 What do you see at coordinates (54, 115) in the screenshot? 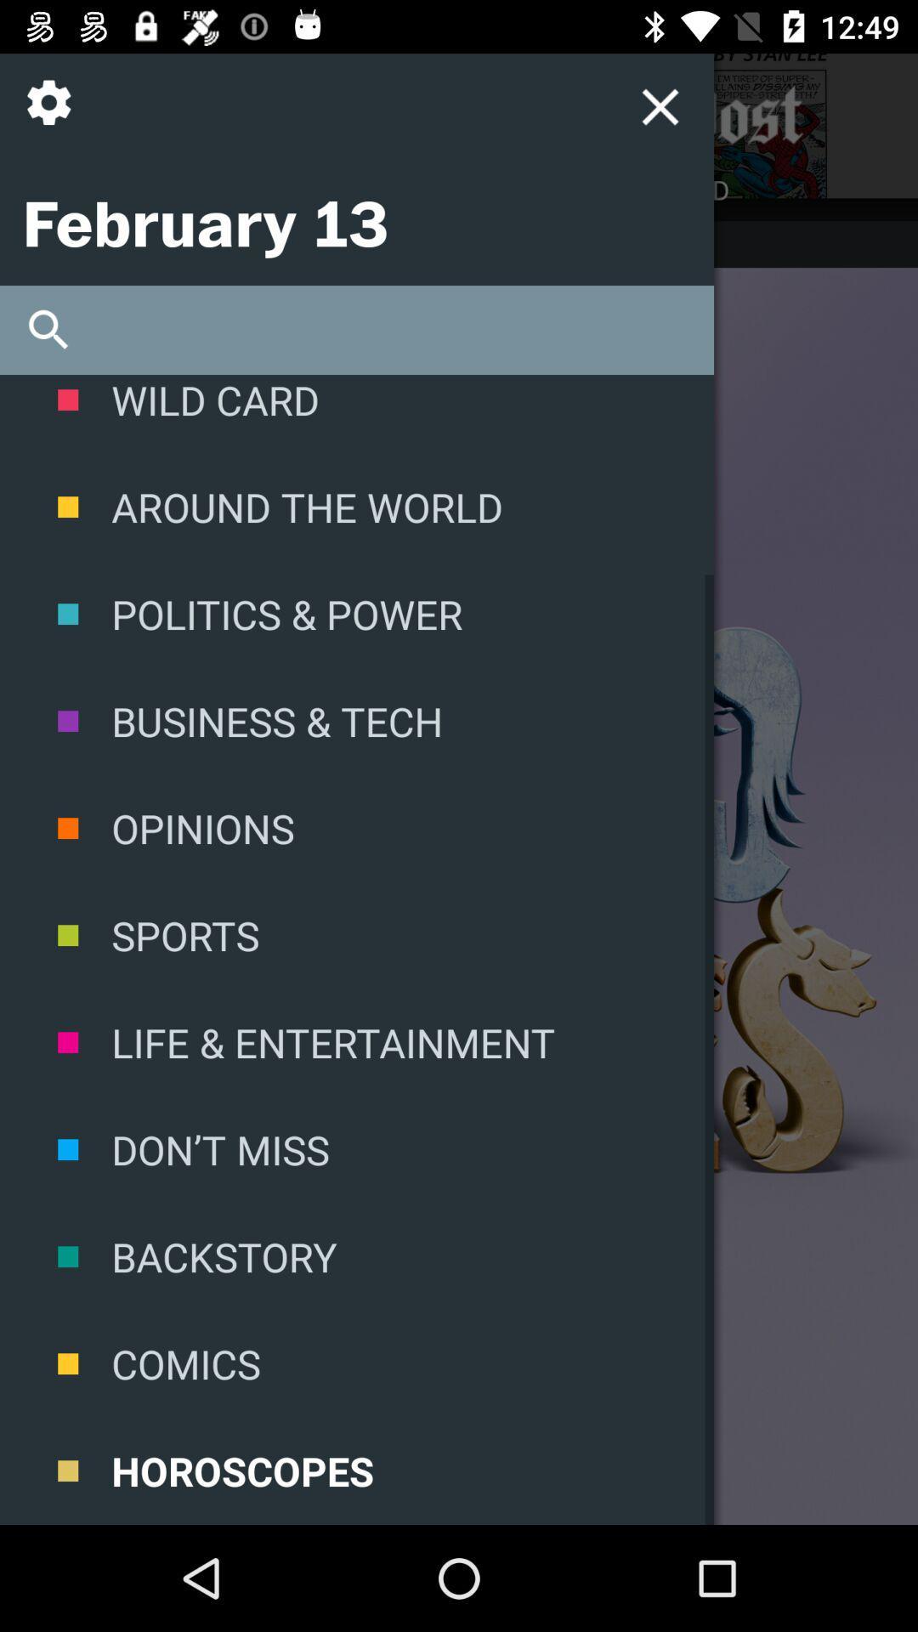
I see `settings` at bounding box center [54, 115].